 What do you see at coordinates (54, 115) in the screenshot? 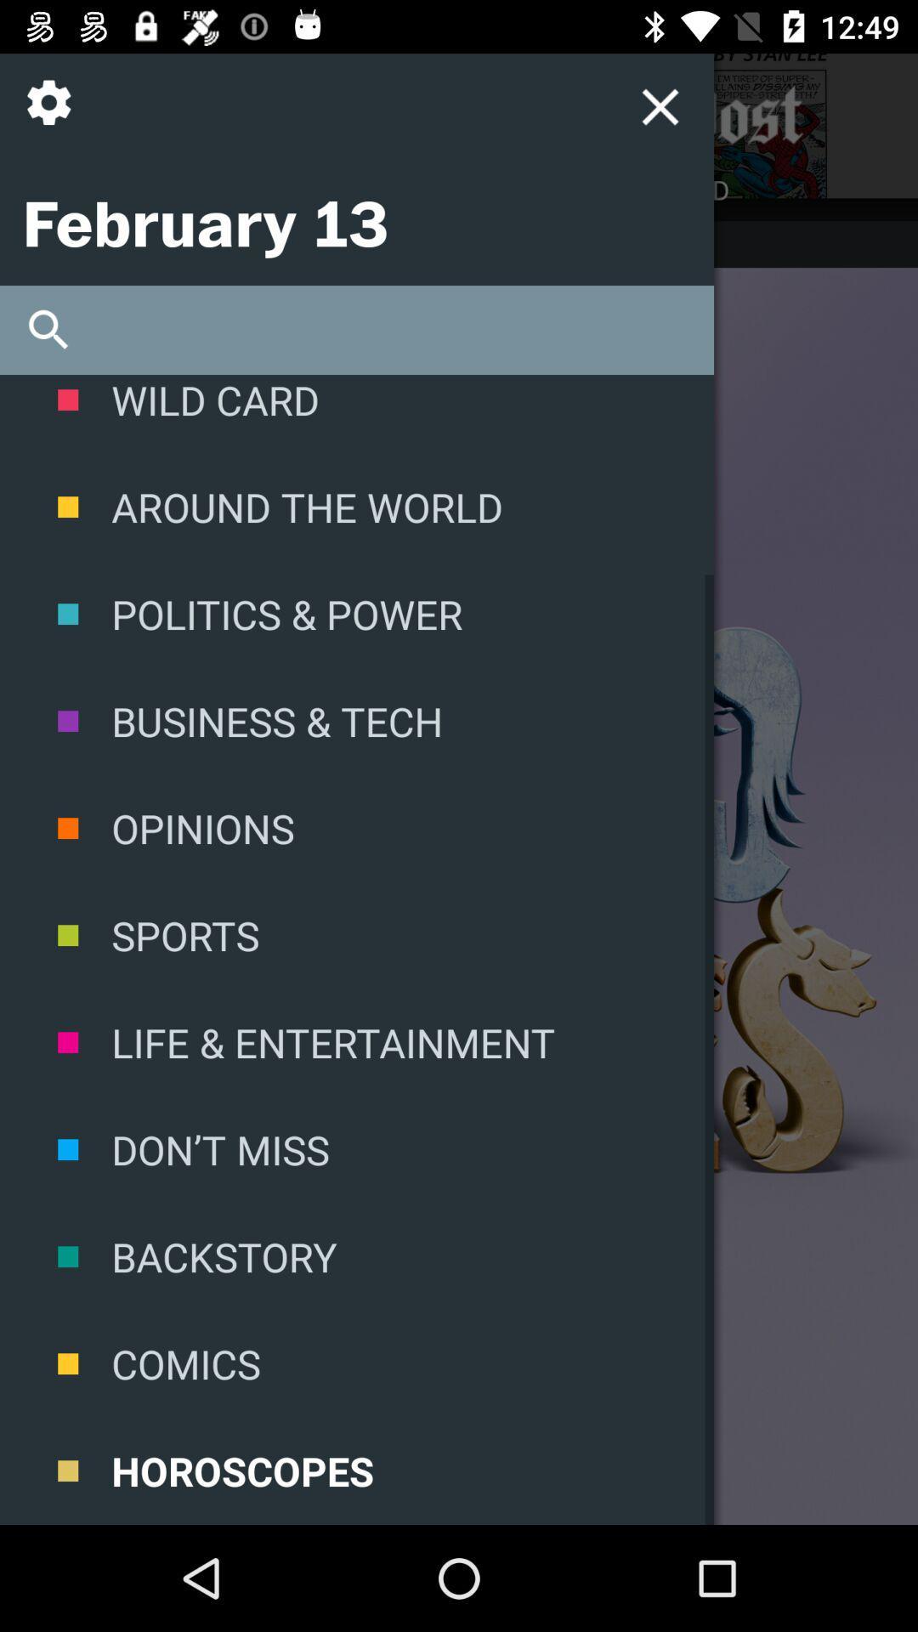
I see `settings` at bounding box center [54, 115].